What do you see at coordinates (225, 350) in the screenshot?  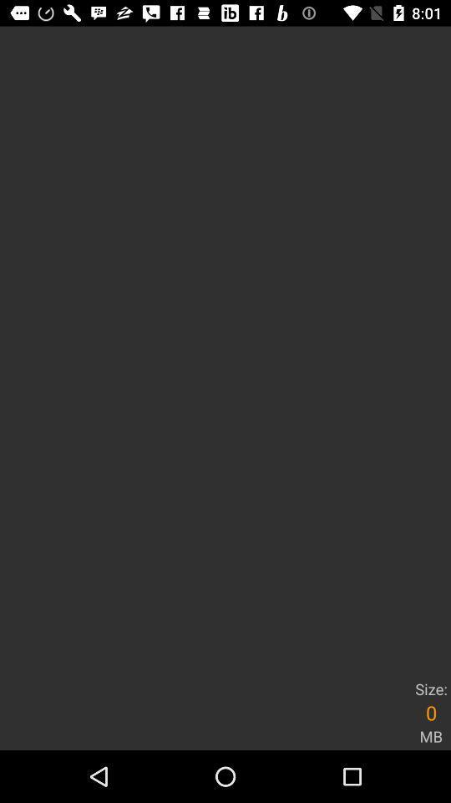 I see `the icon at the center` at bounding box center [225, 350].